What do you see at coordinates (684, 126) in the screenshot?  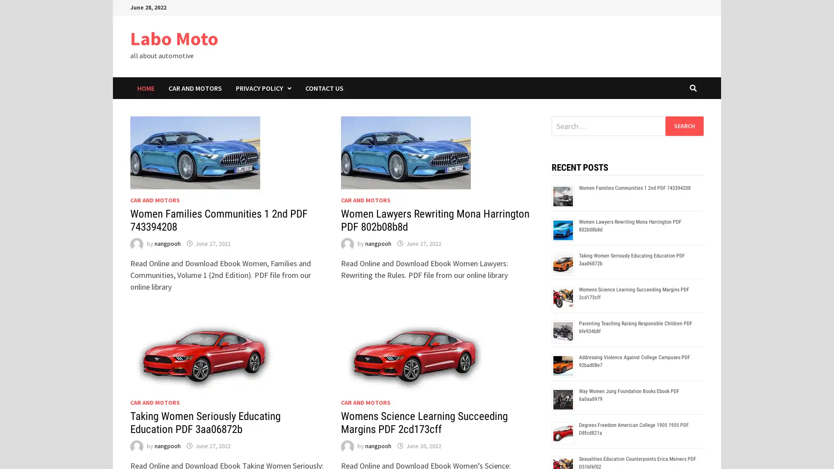 I see `Search` at bounding box center [684, 126].